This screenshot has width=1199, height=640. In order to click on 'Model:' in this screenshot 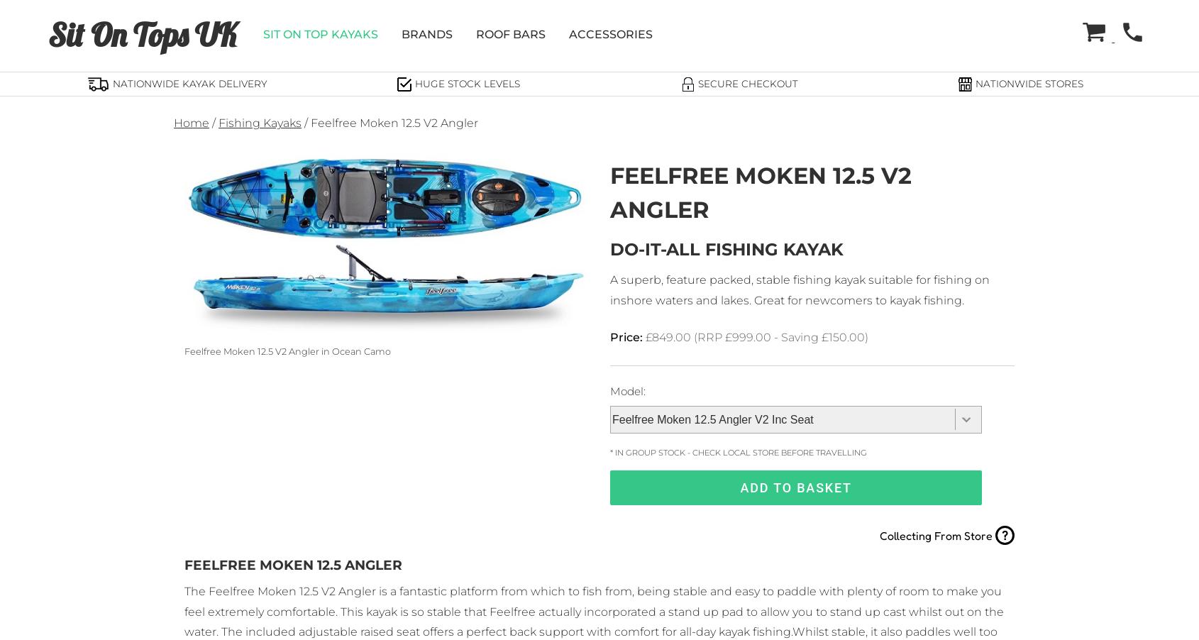, I will do `click(627, 391)`.